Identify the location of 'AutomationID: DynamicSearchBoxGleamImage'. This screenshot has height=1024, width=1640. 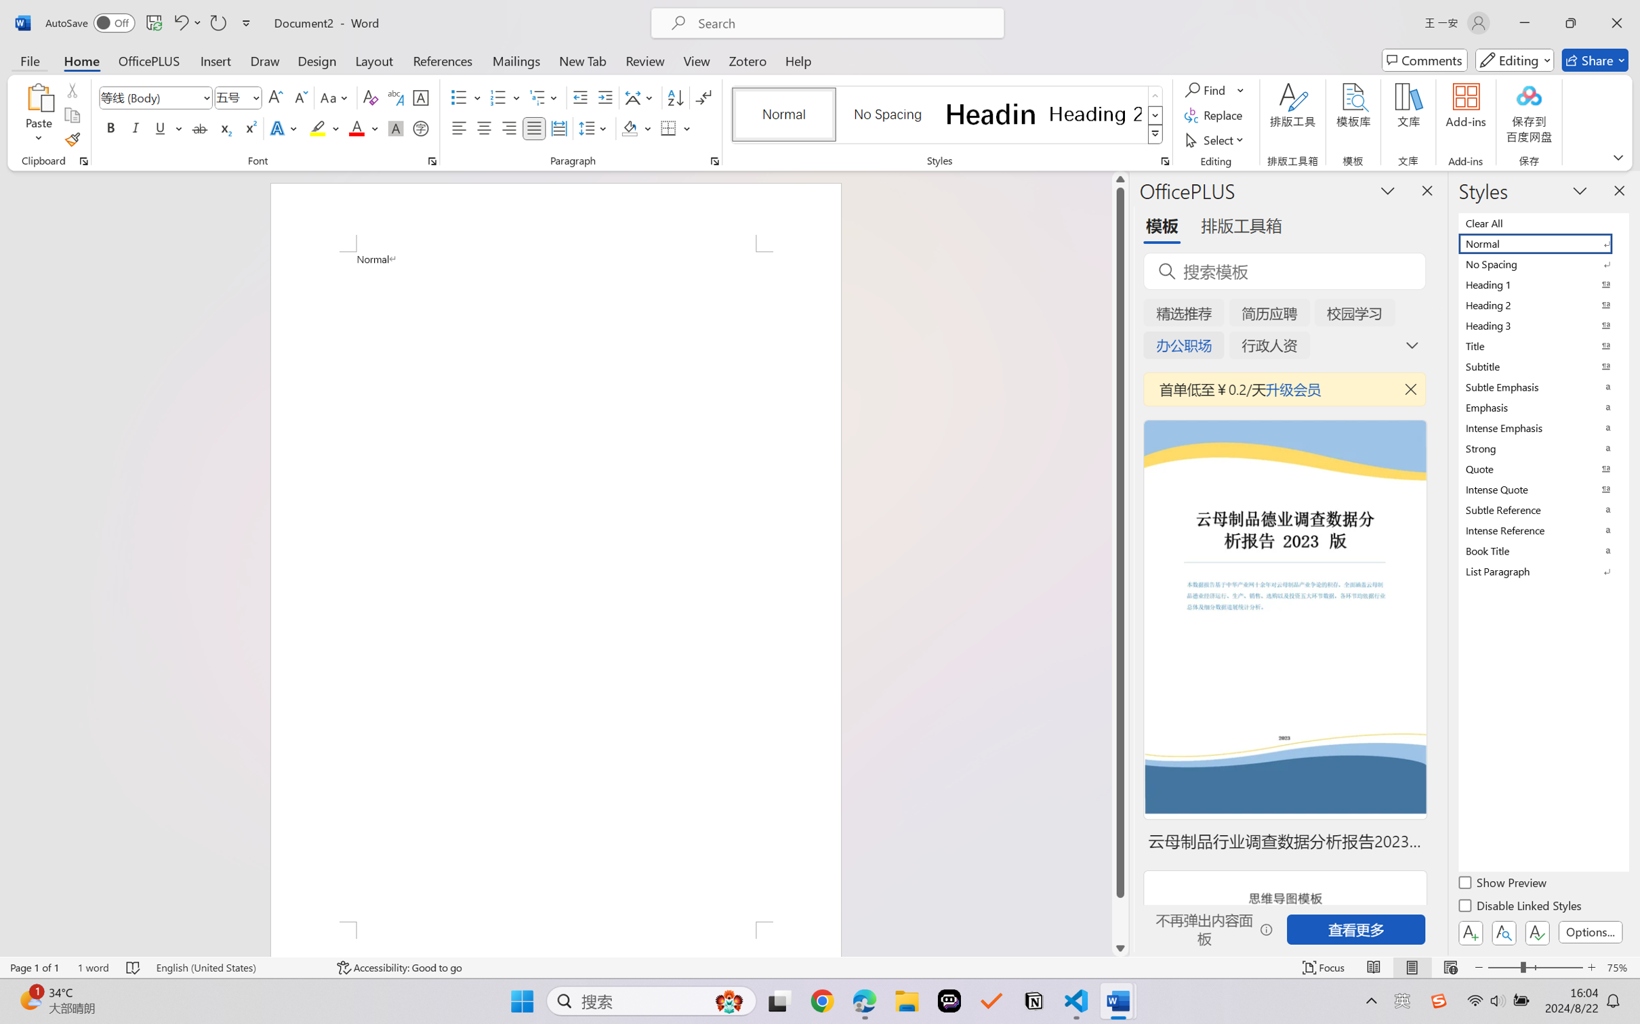
(729, 1001).